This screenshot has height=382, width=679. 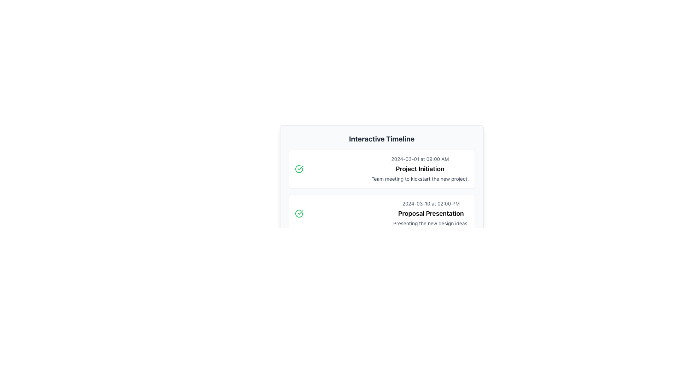 I want to click on the bold text displaying 'Interactive Timeline' located at the top of the content card, which is styled in dark gray and centered horizontally, so click(x=381, y=139).